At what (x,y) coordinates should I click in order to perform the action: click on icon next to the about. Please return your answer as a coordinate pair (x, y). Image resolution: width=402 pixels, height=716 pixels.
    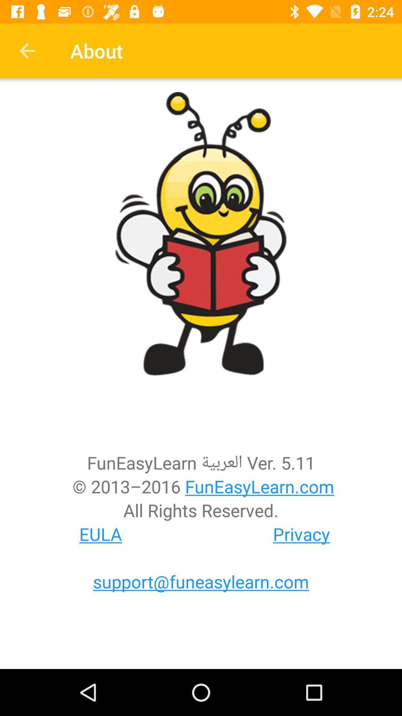
    Looking at the image, I should click on (27, 50).